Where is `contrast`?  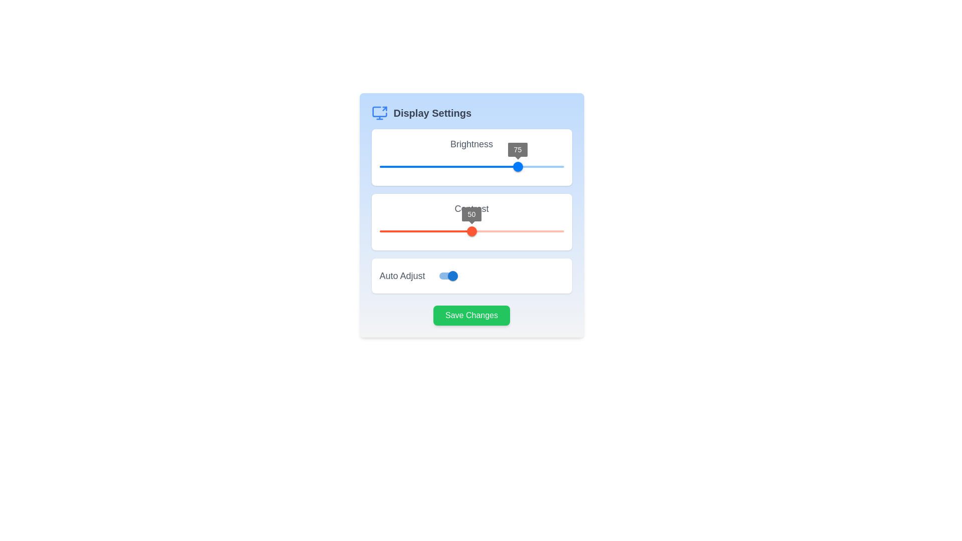 contrast is located at coordinates (379, 231).